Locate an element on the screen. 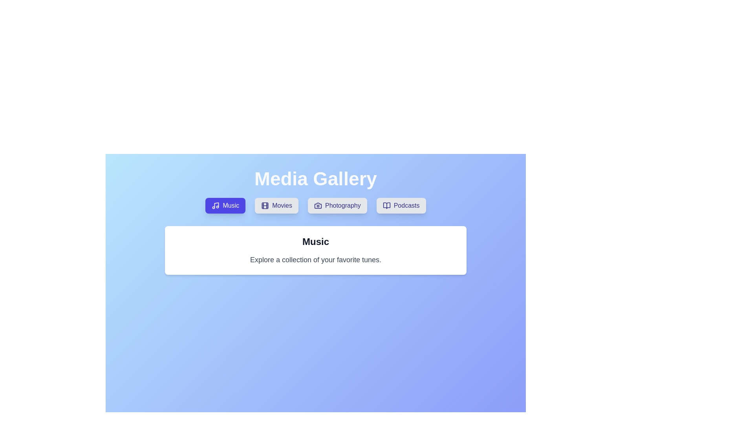 The image size is (754, 424). the Photography tab by clicking on its button is located at coordinates (337, 205).